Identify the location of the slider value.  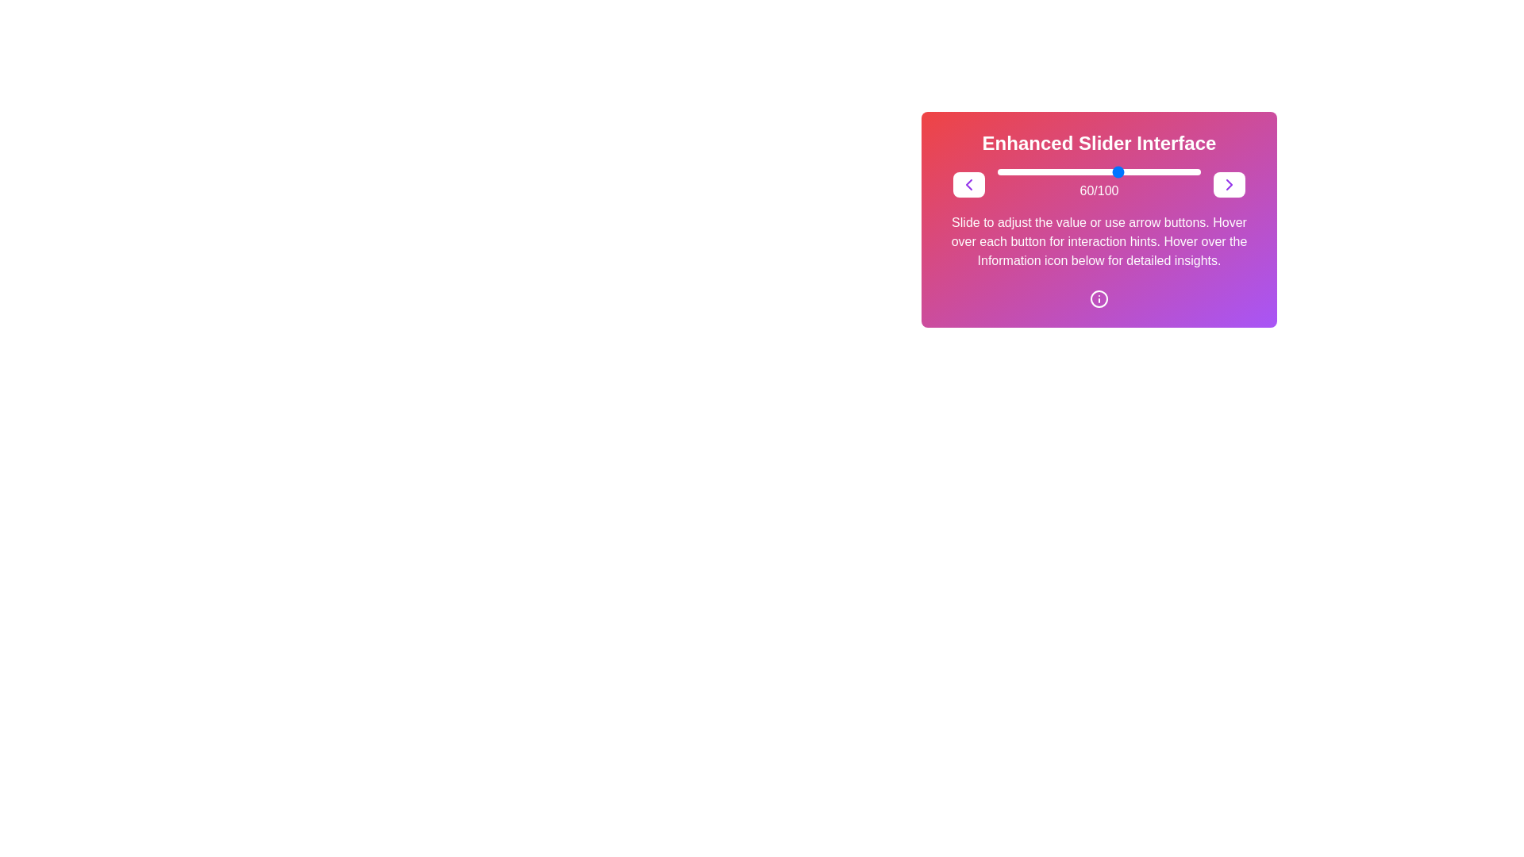
(1099, 171).